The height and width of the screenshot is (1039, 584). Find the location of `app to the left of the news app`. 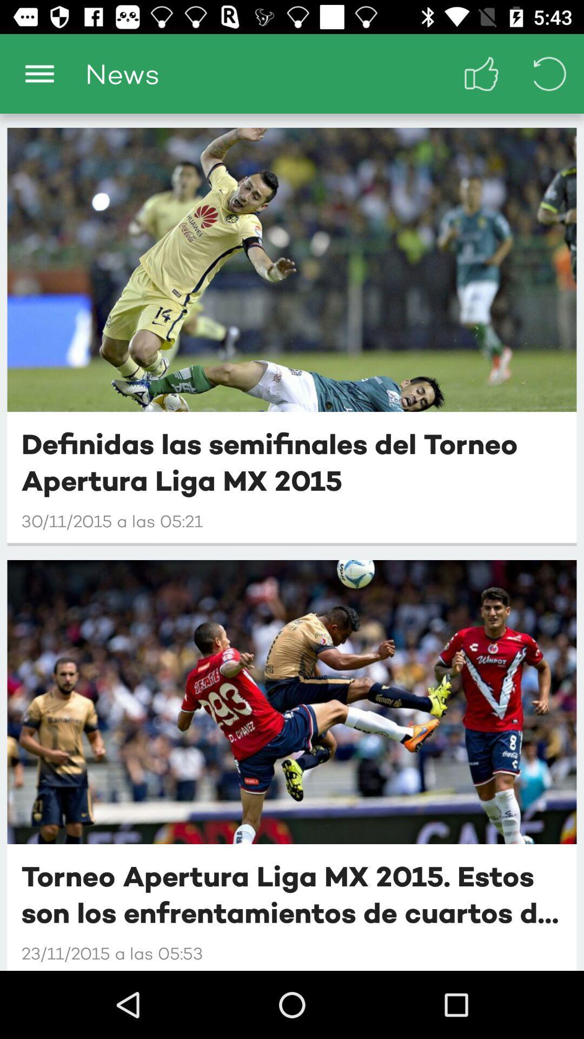

app to the left of the news app is located at coordinates (39, 73).